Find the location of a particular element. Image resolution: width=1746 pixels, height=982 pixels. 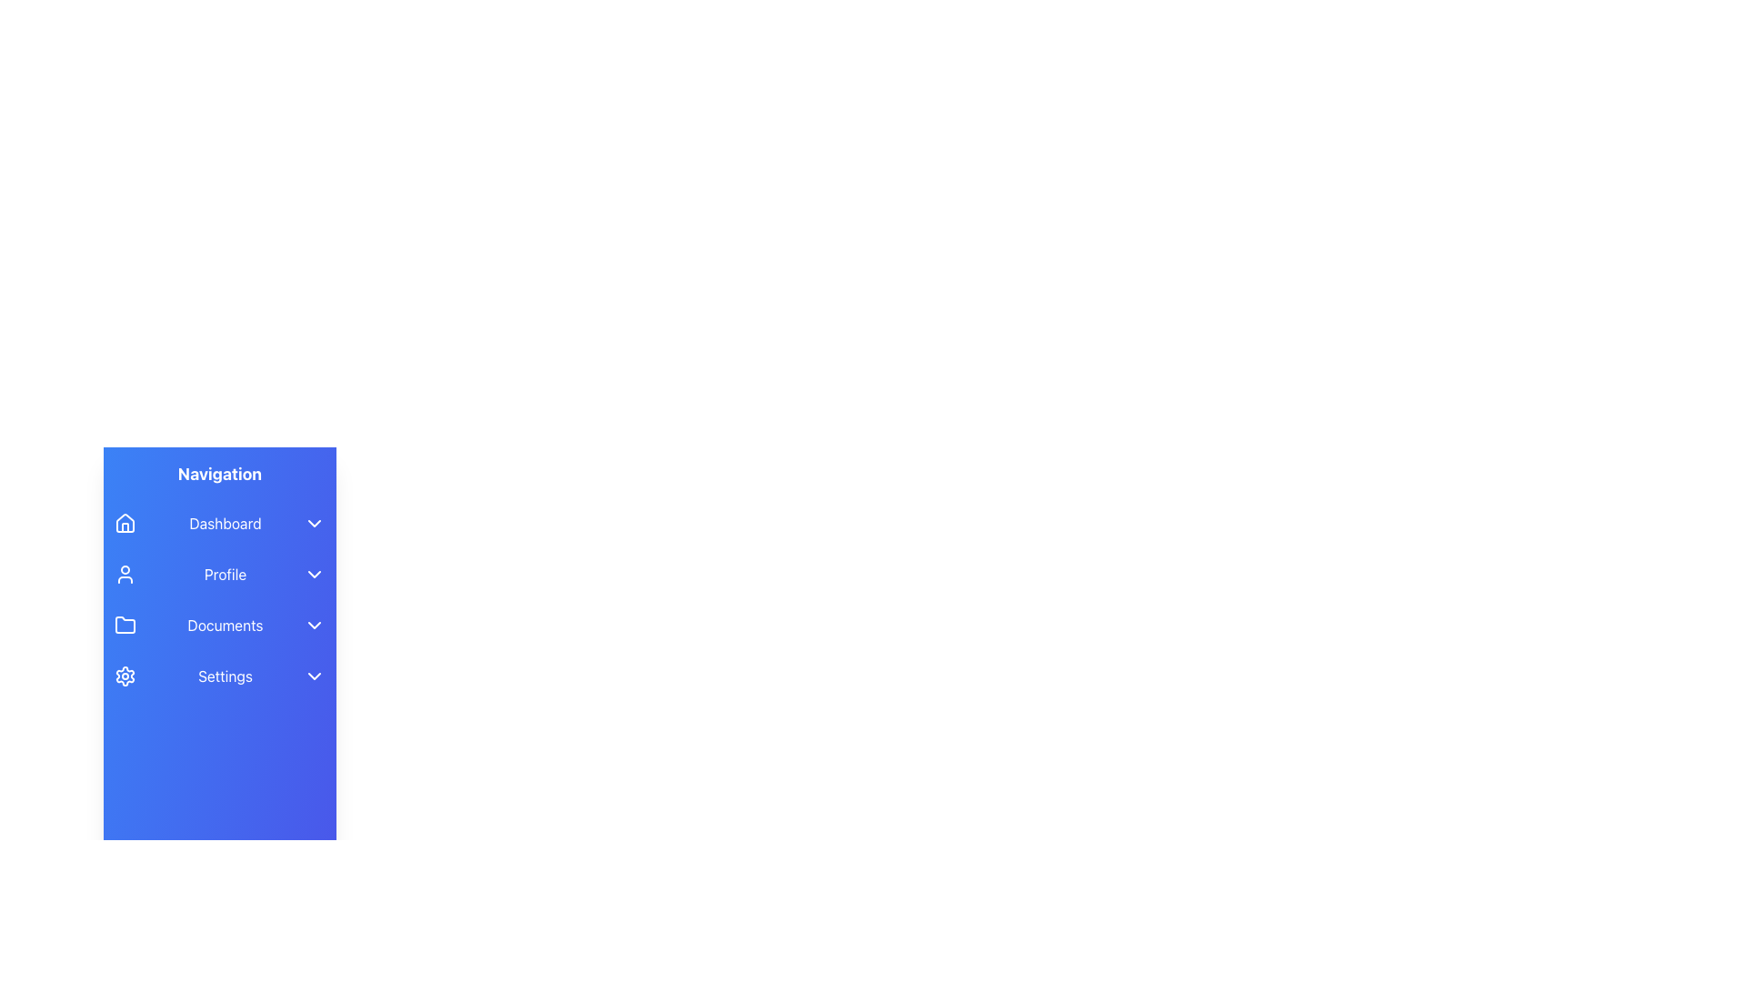

the 'Profile' navigation item in the blue sidebar to trigger the tooltip is located at coordinates (218, 575).